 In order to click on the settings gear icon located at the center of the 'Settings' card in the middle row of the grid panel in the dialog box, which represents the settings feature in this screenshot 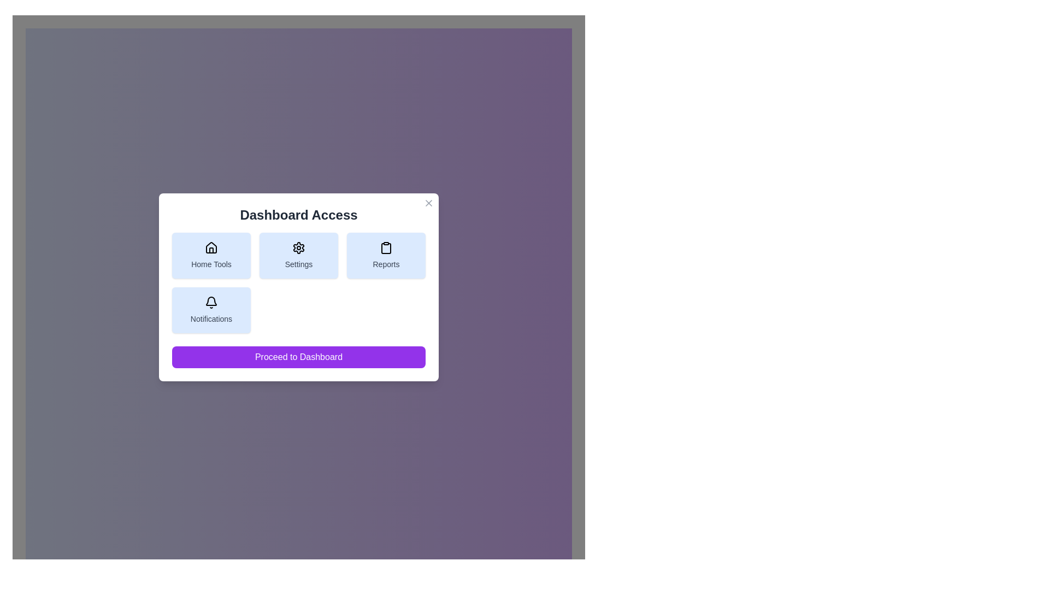, I will do `click(299, 248)`.